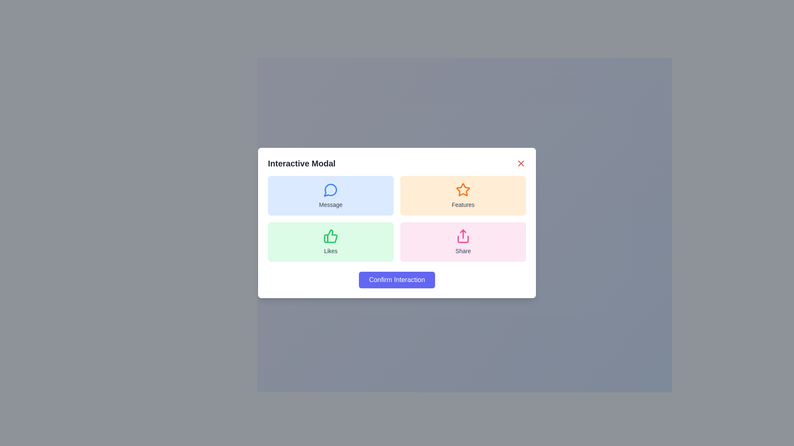 This screenshot has width=794, height=446. What do you see at coordinates (331, 242) in the screenshot?
I see `the informational block displaying a thumbs-up icon and the label 'Likes', located in the lower left portion of the grid layout` at bounding box center [331, 242].